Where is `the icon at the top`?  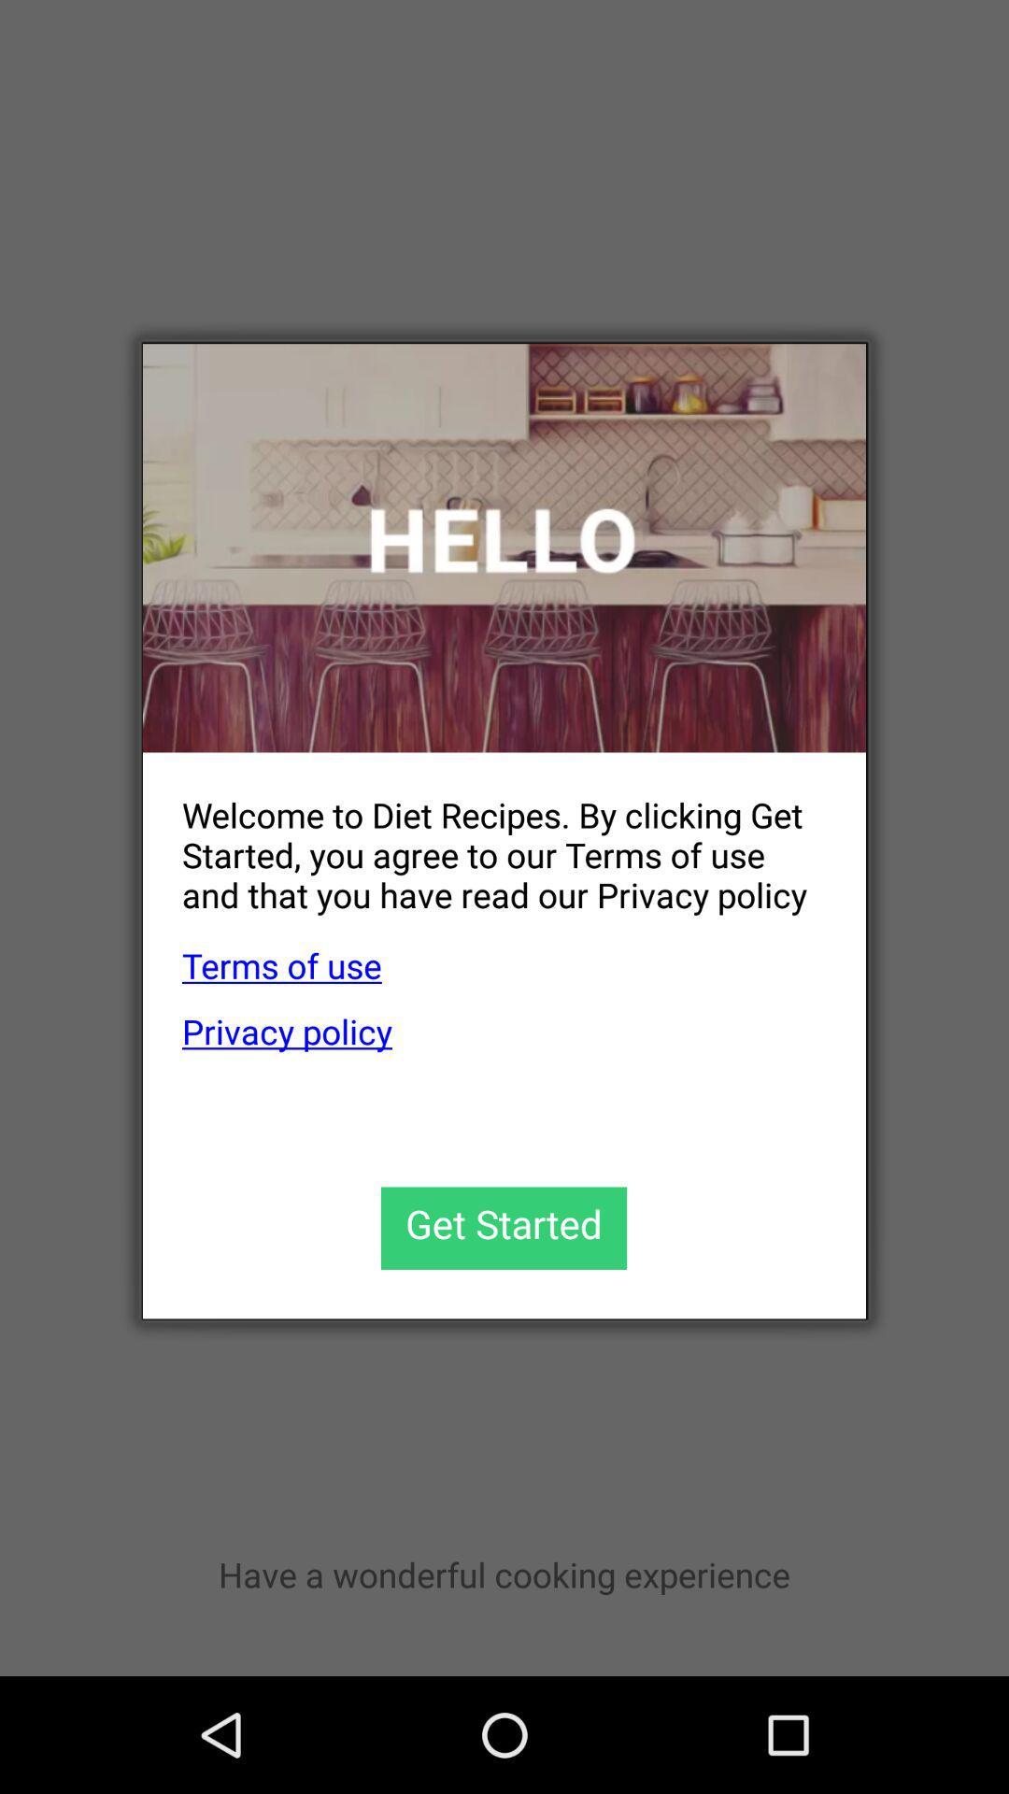 the icon at the top is located at coordinates (504, 547).